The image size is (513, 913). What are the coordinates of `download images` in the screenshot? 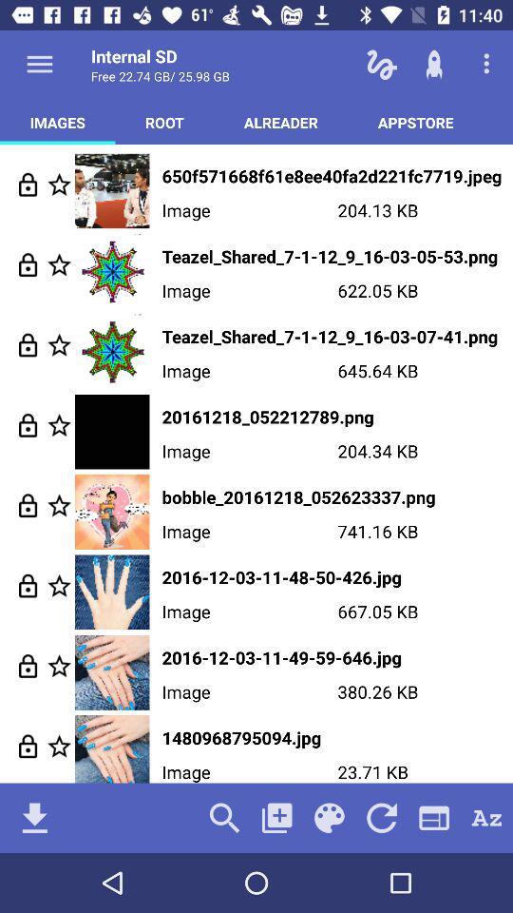 It's located at (34, 817).